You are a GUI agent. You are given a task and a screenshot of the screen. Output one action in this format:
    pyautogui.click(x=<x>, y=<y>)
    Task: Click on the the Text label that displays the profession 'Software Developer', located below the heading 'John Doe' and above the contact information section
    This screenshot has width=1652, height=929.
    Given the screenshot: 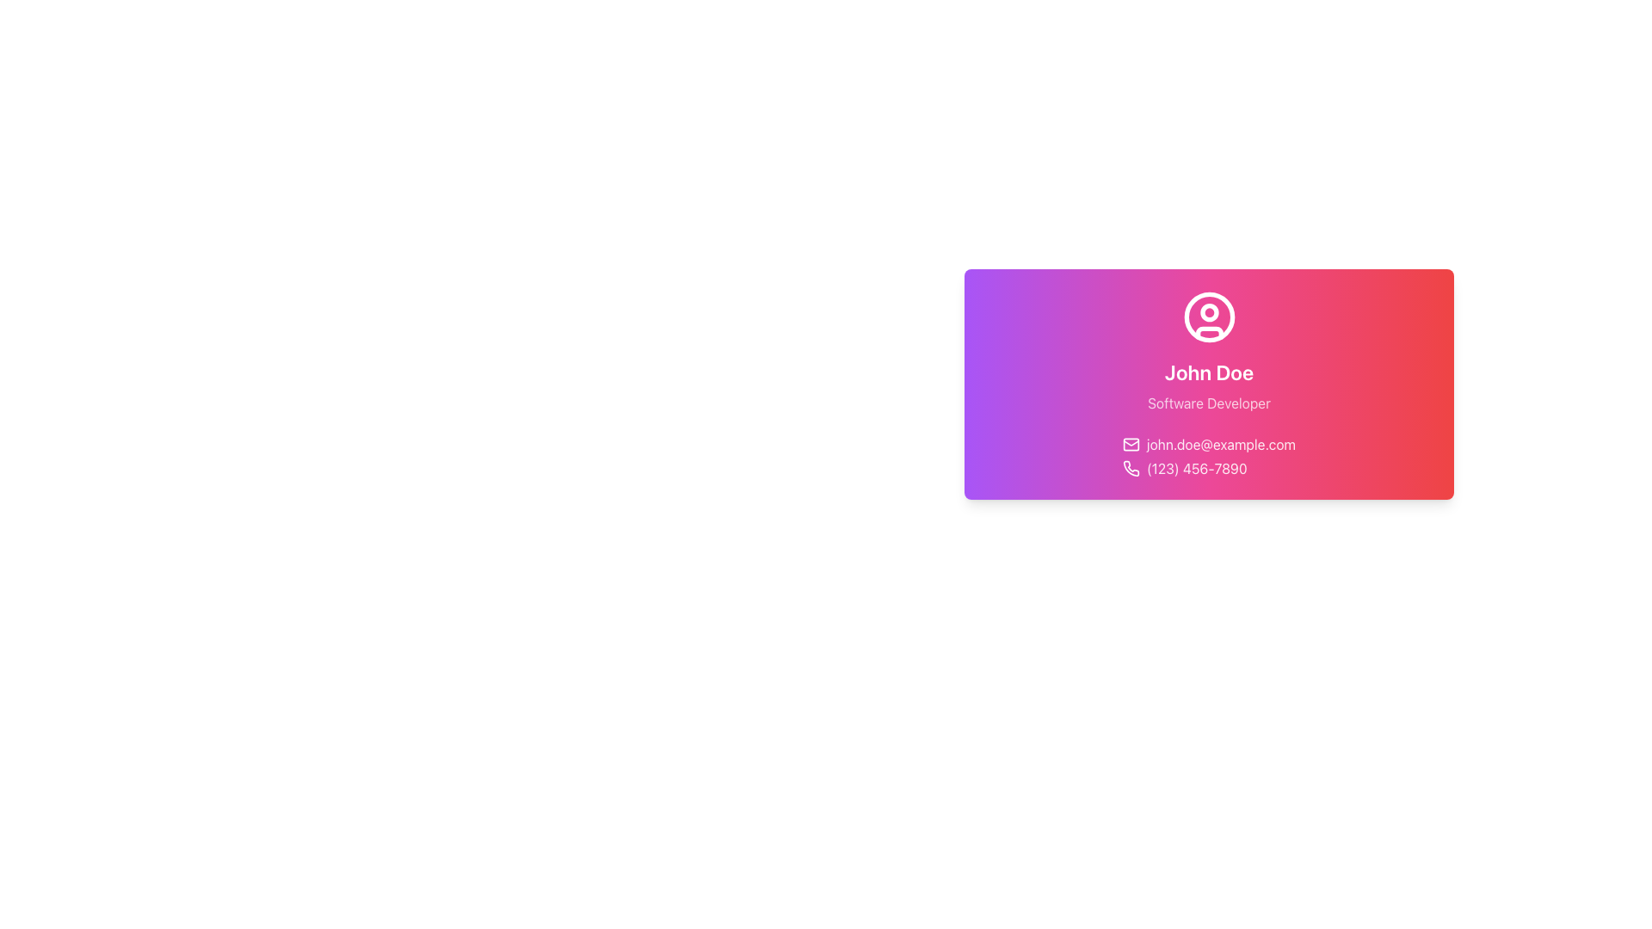 What is the action you would take?
    pyautogui.click(x=1208, y=403)
    